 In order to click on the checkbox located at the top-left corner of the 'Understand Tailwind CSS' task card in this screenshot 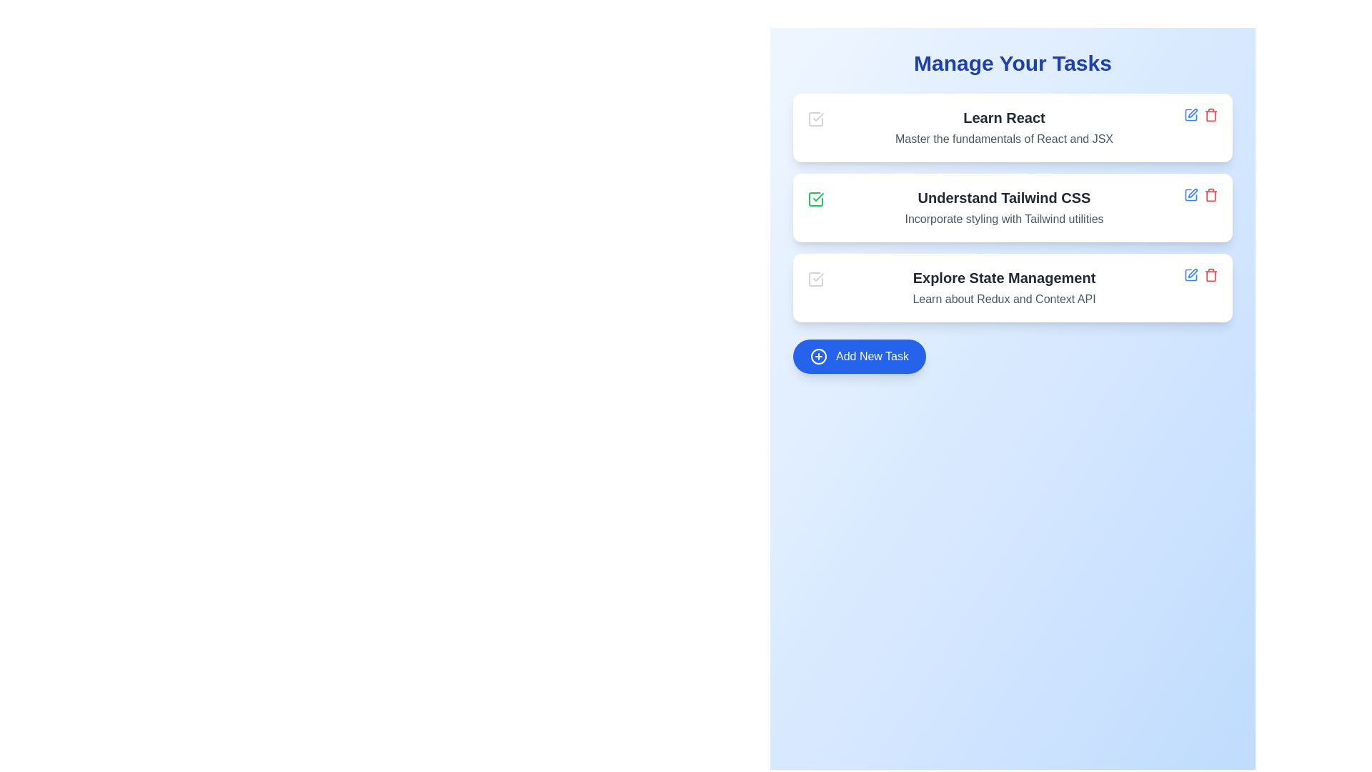, I will do `click(816, 199)`.